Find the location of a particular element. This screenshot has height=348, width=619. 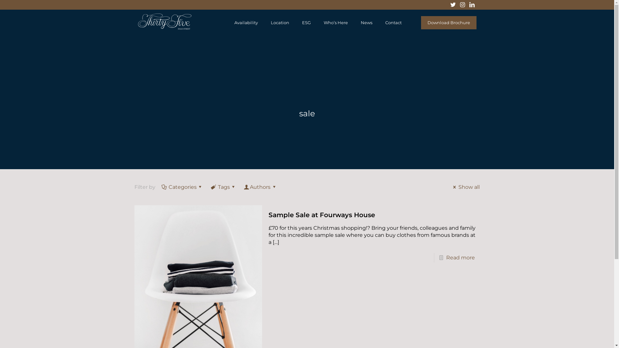

'Authors' is located at coordinates (260, 187).